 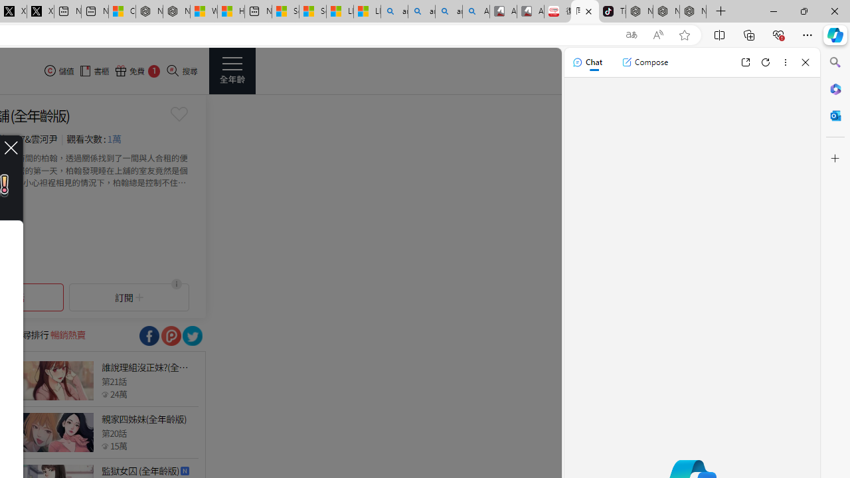 I want to click on 'Add this page to favorites (Ctrl+D)', so click(x=685, y=35).